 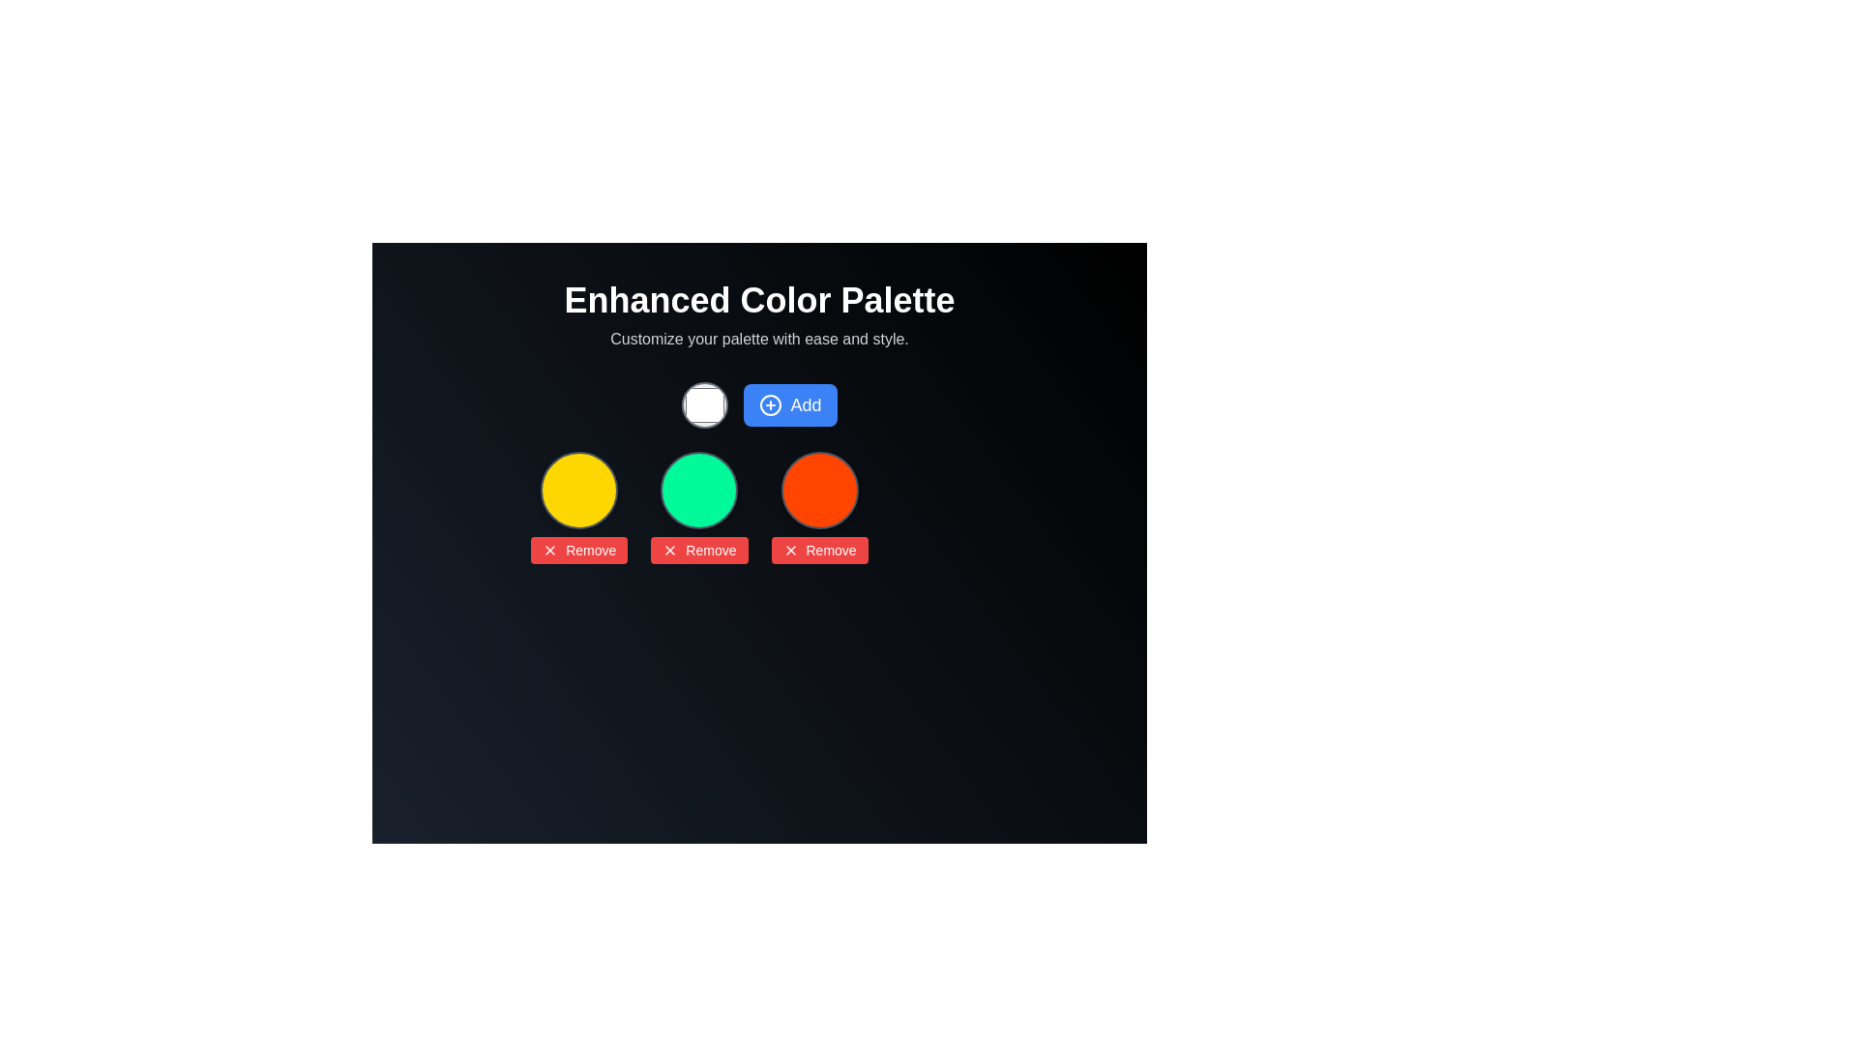 What do you see at coordinates (758, 404) in the screenshot?
I see `the circular color preview on the left side of the Composite UI containing a blue 'Add' button to interact with it` at bounding box center [758, 404].